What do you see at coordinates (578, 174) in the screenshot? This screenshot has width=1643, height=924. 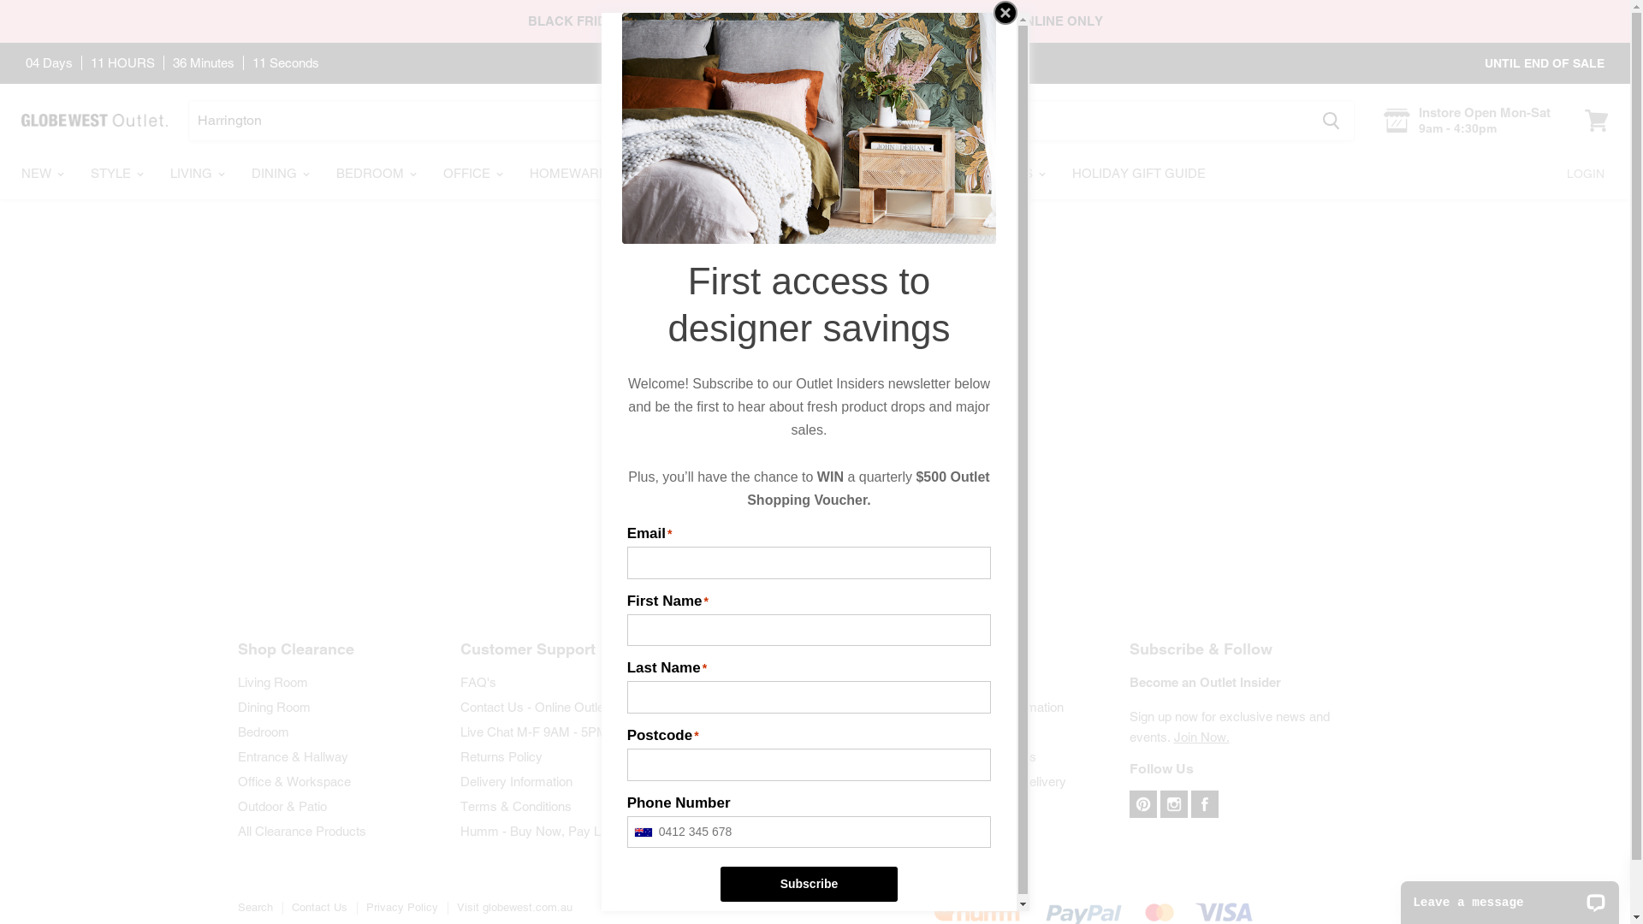 I see `'HOMEWARES'` at bounding box center [578, 174].